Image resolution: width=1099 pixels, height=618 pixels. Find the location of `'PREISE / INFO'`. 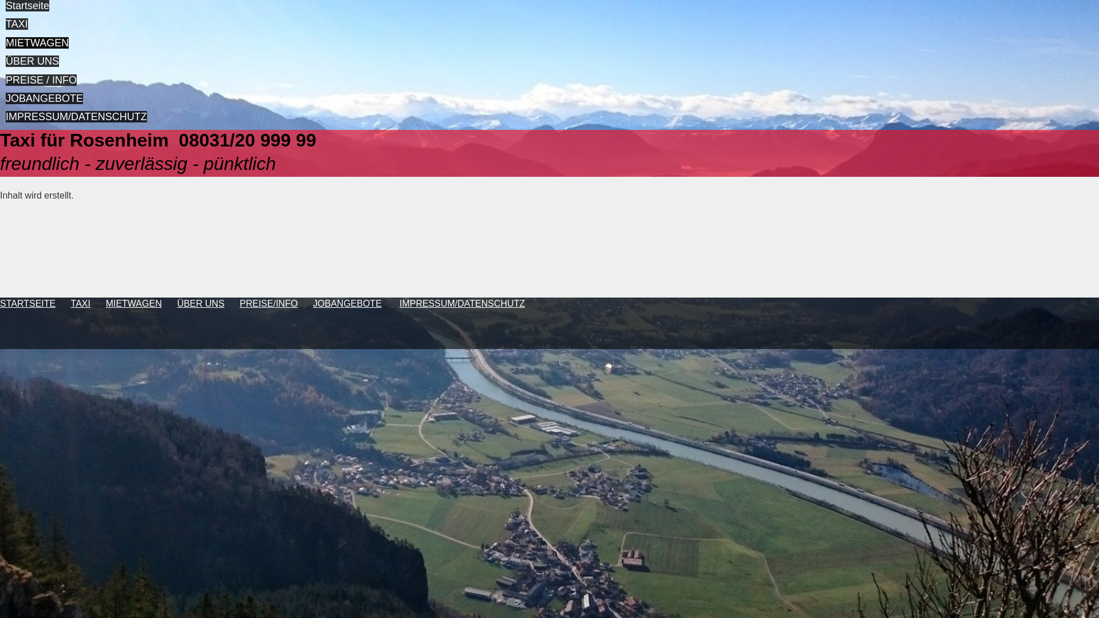

'PREISE / INFO' is located at coordinates (41, 79).